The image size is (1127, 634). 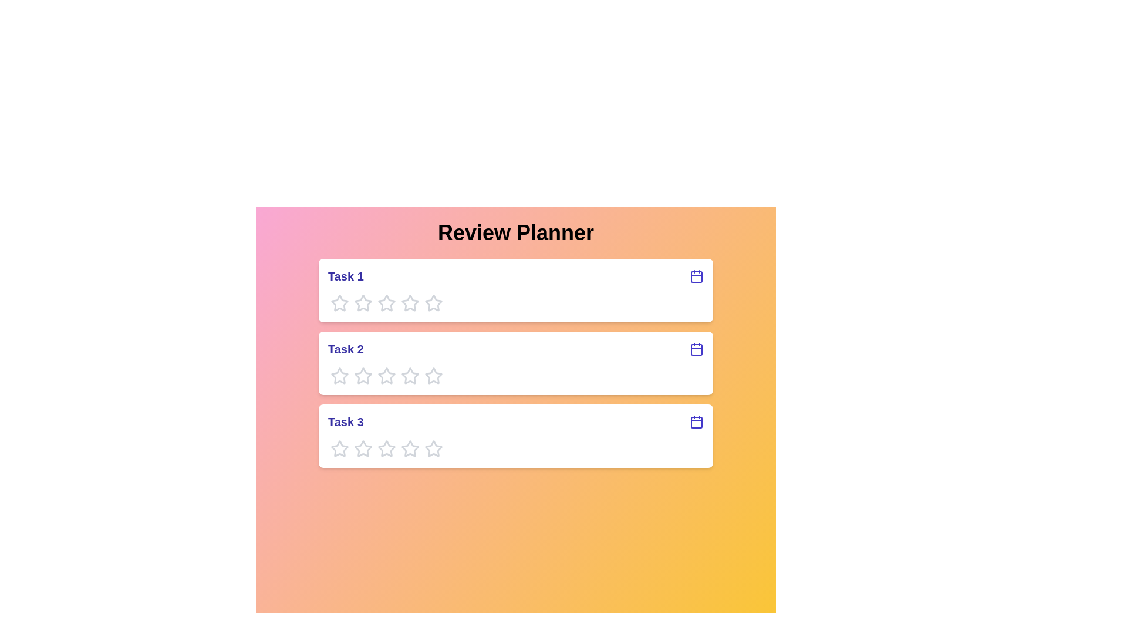 I want to click on the calendar icon for Task 3, so click(x=696, y=421).